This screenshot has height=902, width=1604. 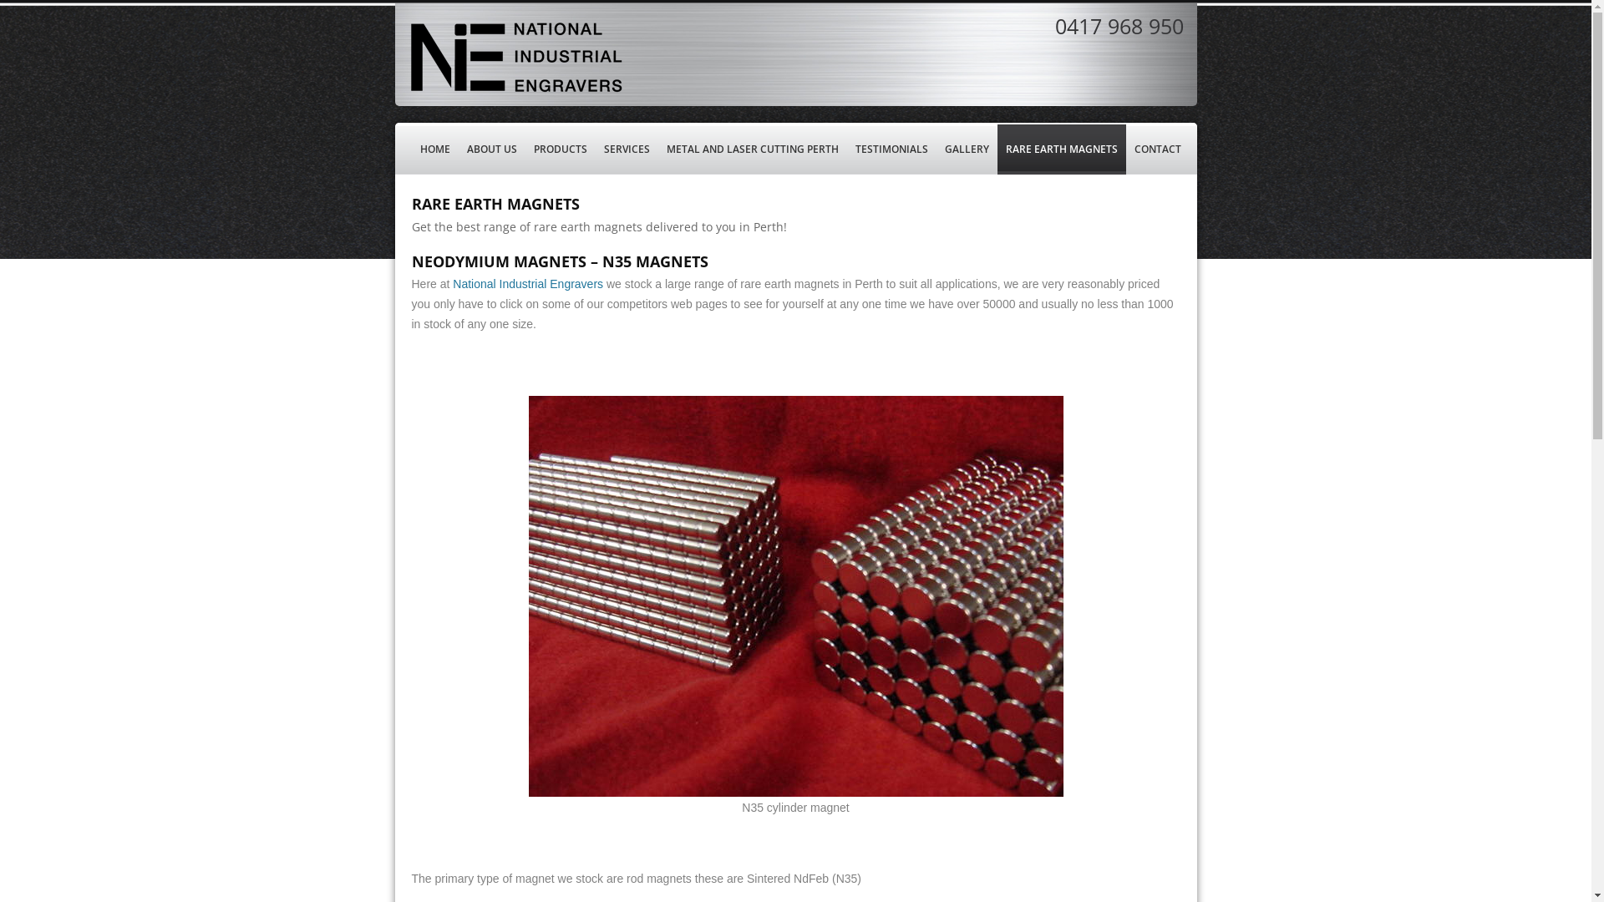 What do you see at coordinates (527, 53) in the screenshot?
I see `'NATIONAL INDUSTRIAL ENGRAVERS'` at bounding box center [527, 53].